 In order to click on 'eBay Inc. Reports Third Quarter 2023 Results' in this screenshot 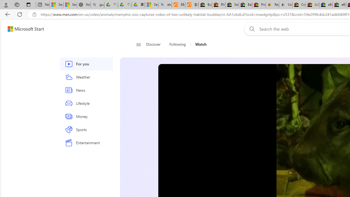, I will do `click(339, 5)`.